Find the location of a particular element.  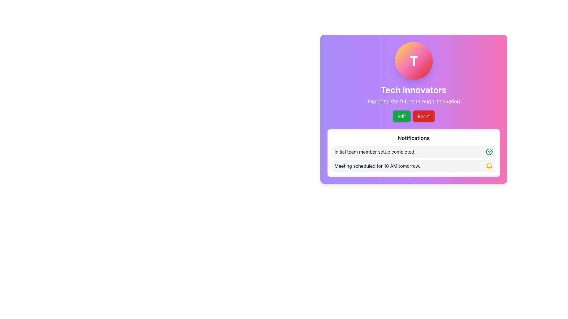

notifications displayed in the Notification Panel, which has a white background, gray text, and rounded corners, located below the header and action buttons is located at coordinates (413, 152).